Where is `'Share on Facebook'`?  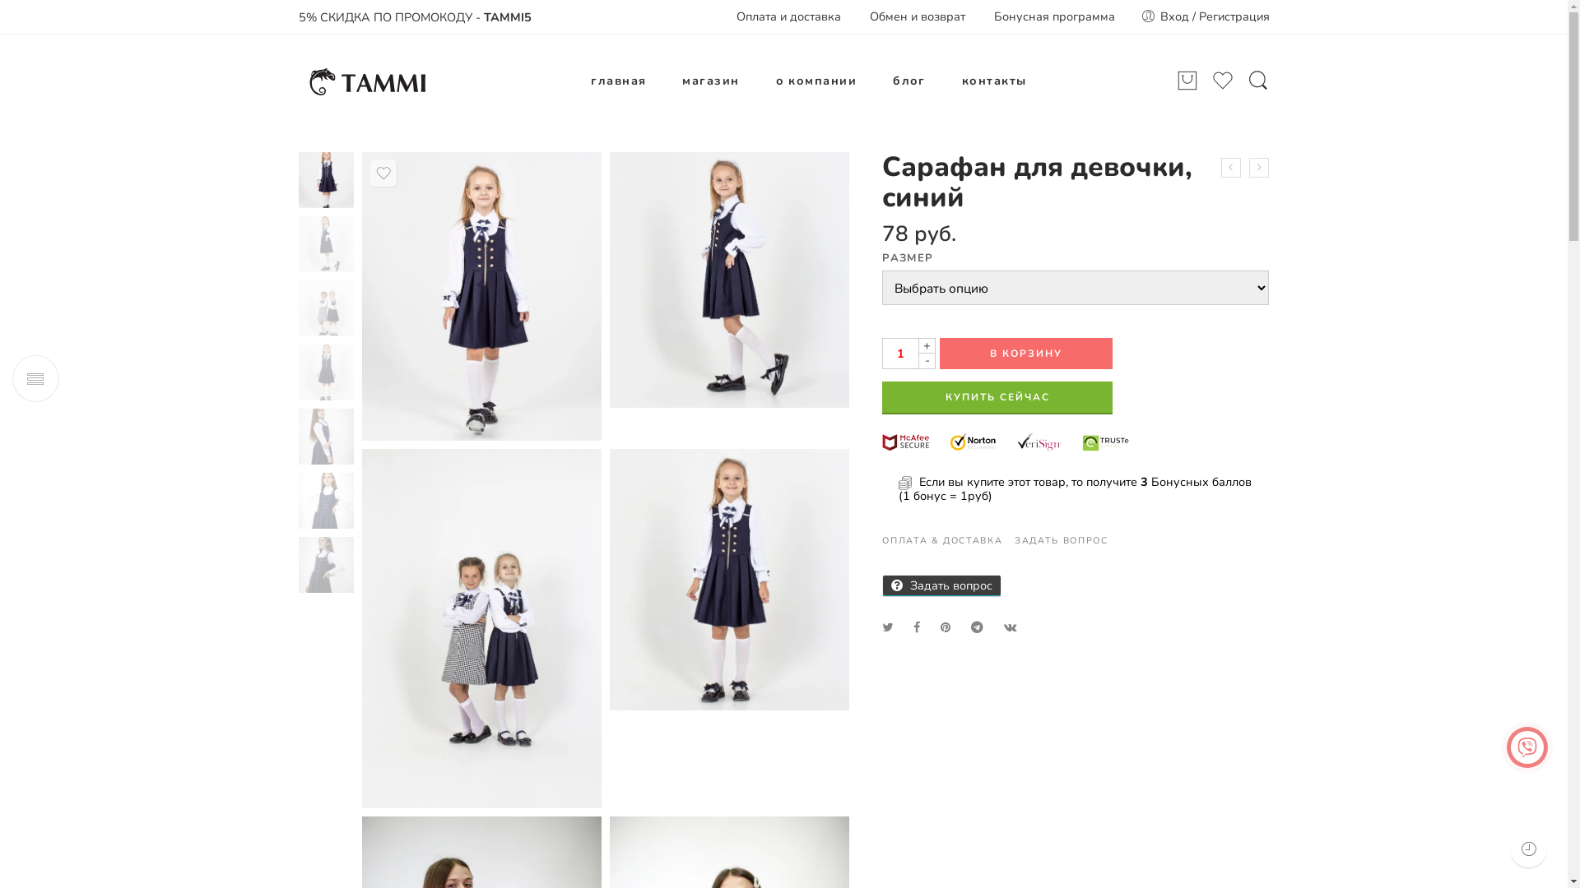
'Share on Facebook' is located at coordinates (915, 627).